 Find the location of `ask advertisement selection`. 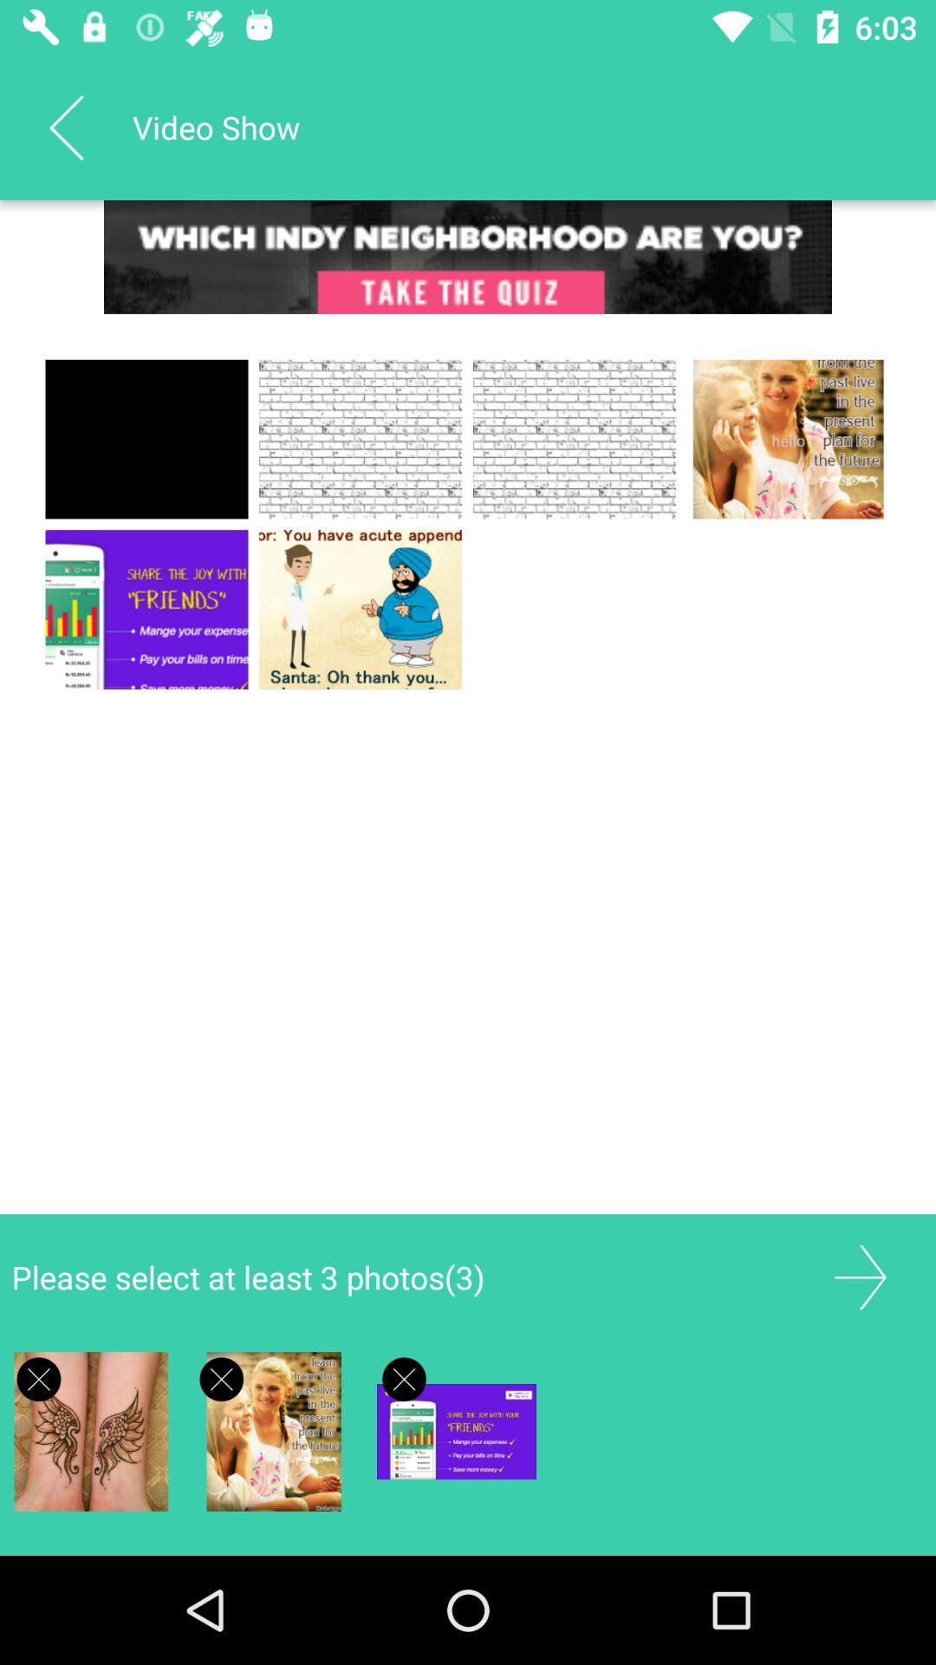

ask advertisement selection is located at coordinates (39, 1378).